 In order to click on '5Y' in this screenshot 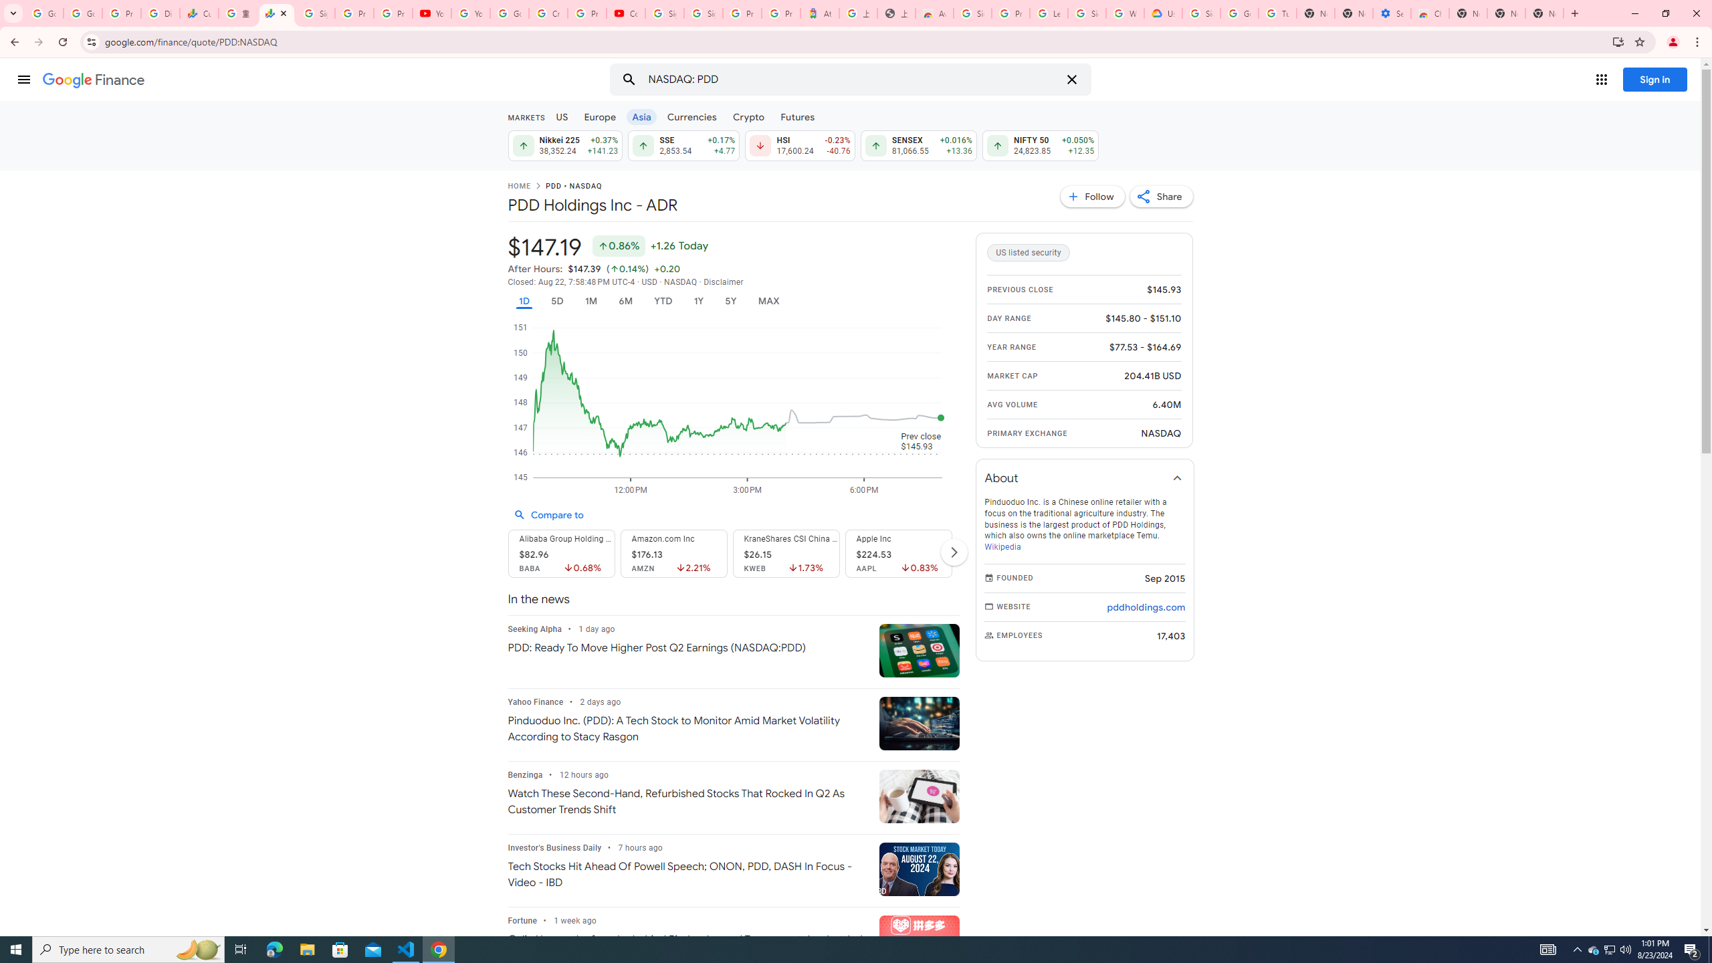, I will do `click(730, 300)`.